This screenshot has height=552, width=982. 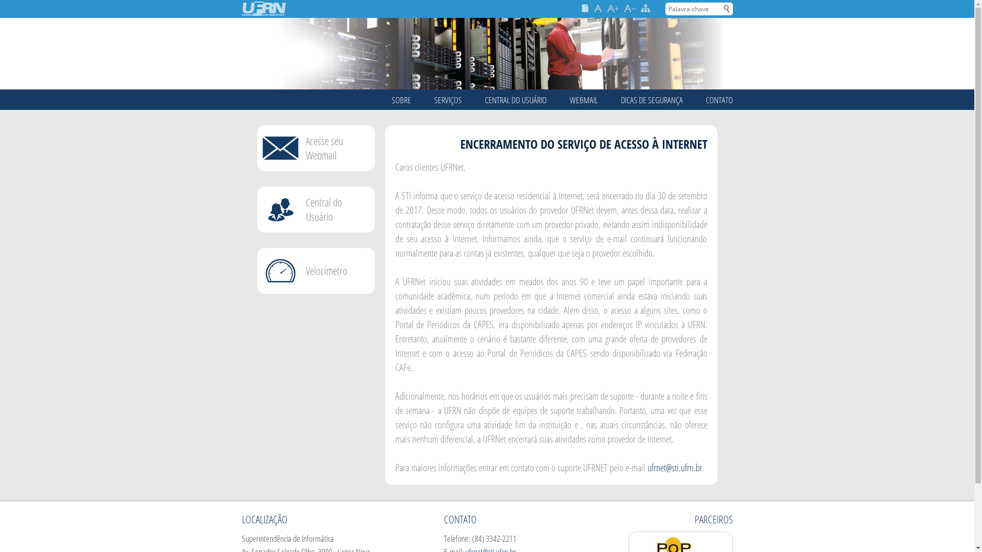 What do you see at coordinates (719, 100) in the screenshot?
I see `'CONTATO'` at bounding box center [719, 100].